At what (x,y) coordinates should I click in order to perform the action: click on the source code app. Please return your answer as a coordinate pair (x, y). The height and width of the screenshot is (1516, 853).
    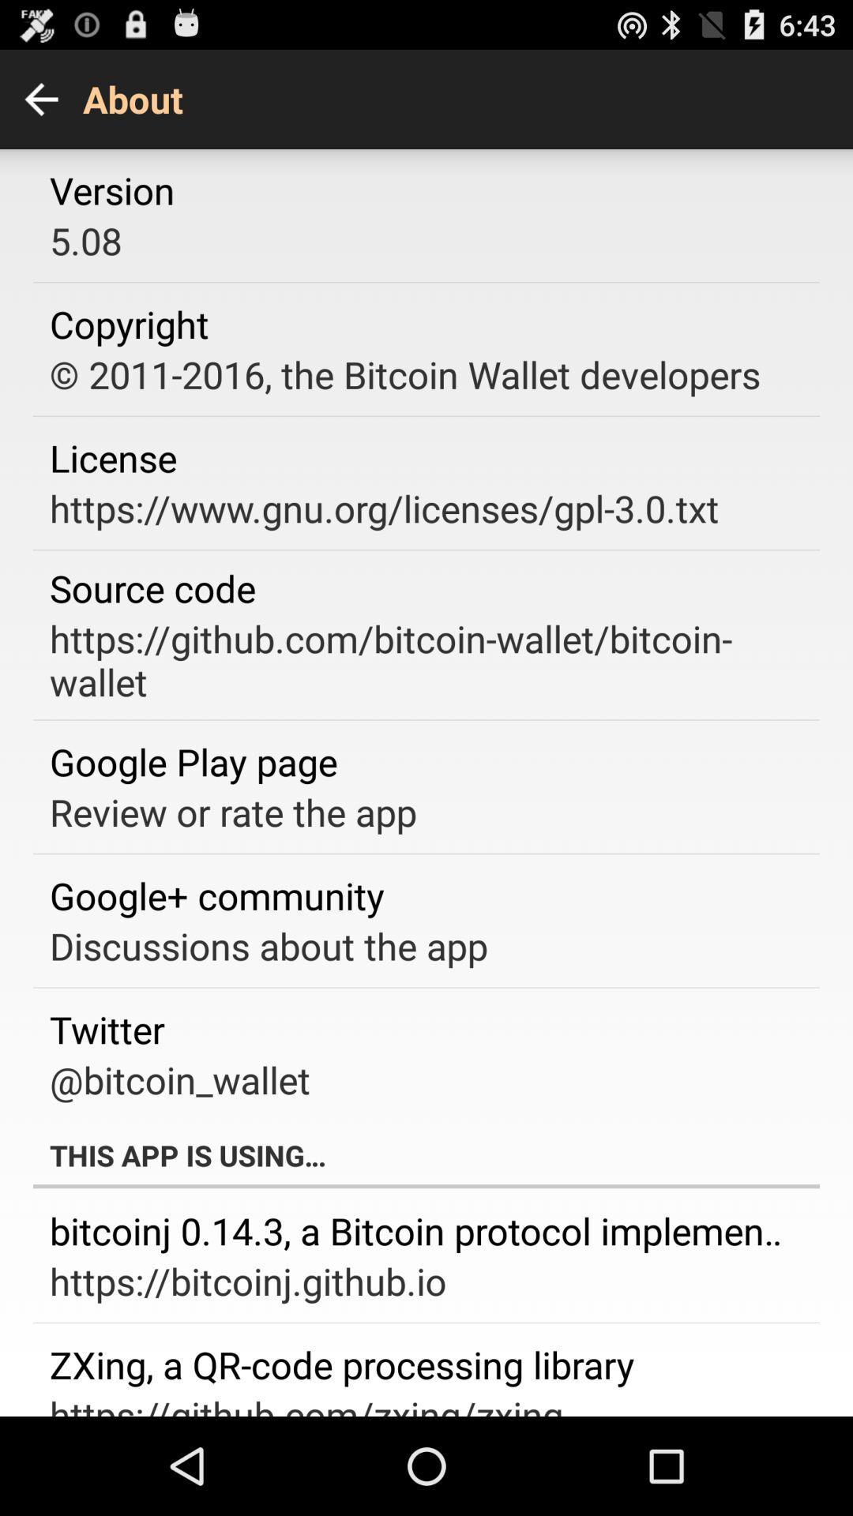
    Looking at the image, I should click on (152, 587).